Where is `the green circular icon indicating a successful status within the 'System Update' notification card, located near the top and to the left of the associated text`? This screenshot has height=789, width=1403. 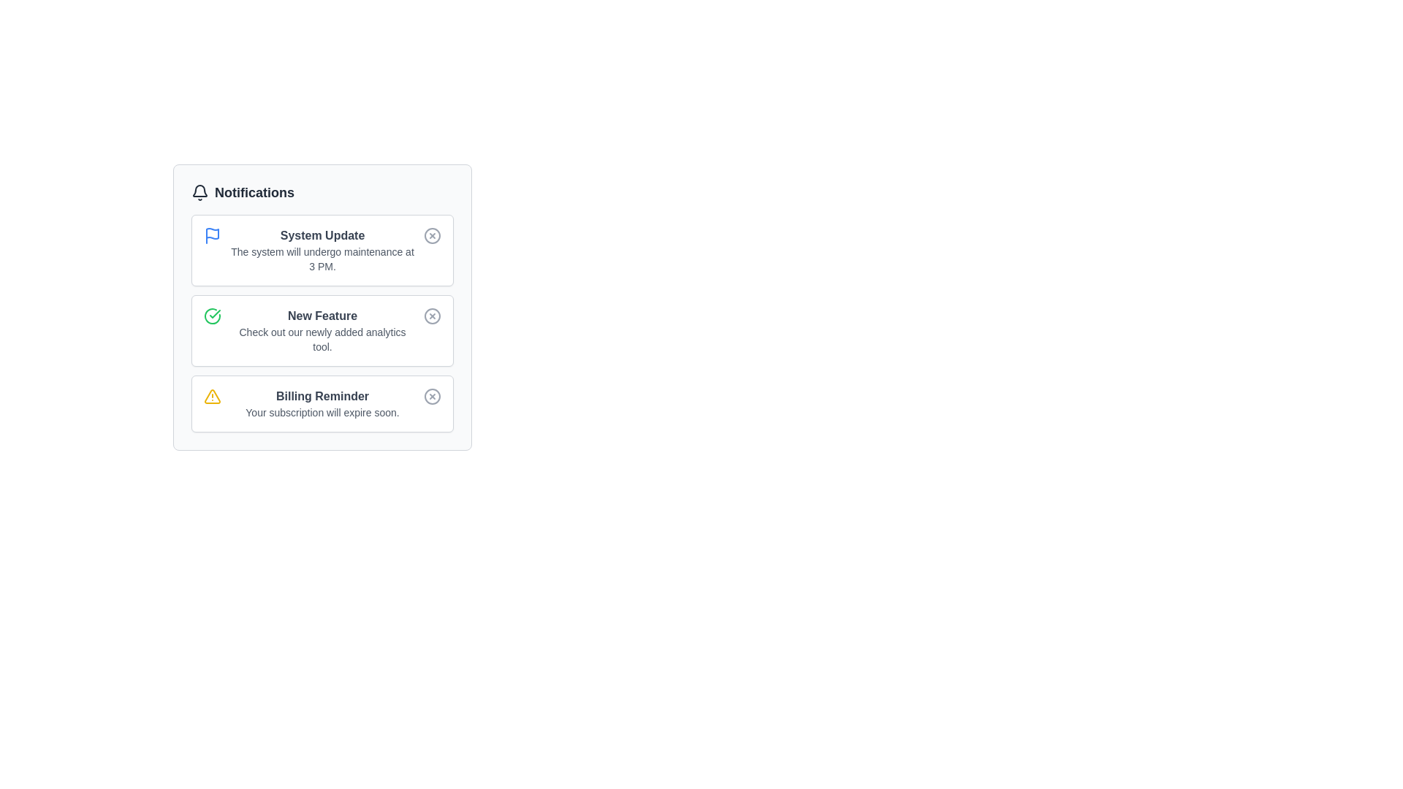 the green circular icon indicating a successful status within the 'System Update' notification card, located near the top and to the left of the associated text is located at coordinates (214, 313).